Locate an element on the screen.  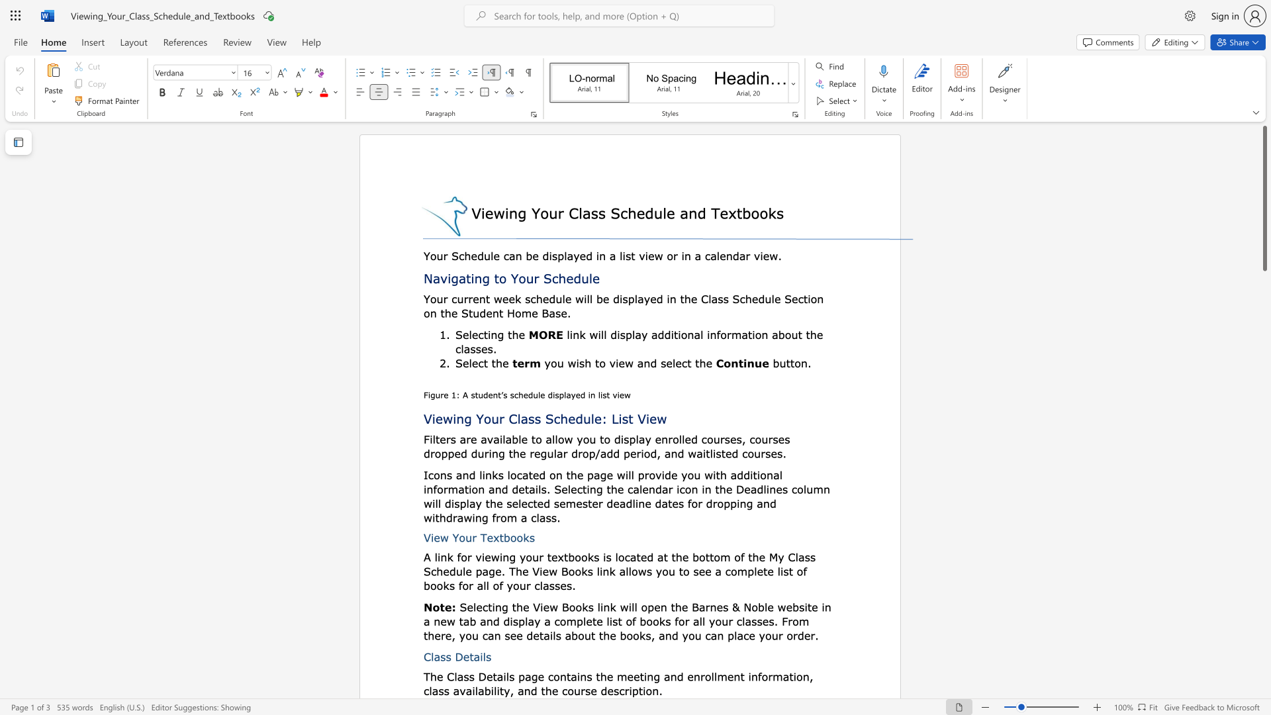
the scrollbar to slide the page down is located at coordinates (1264, 317).